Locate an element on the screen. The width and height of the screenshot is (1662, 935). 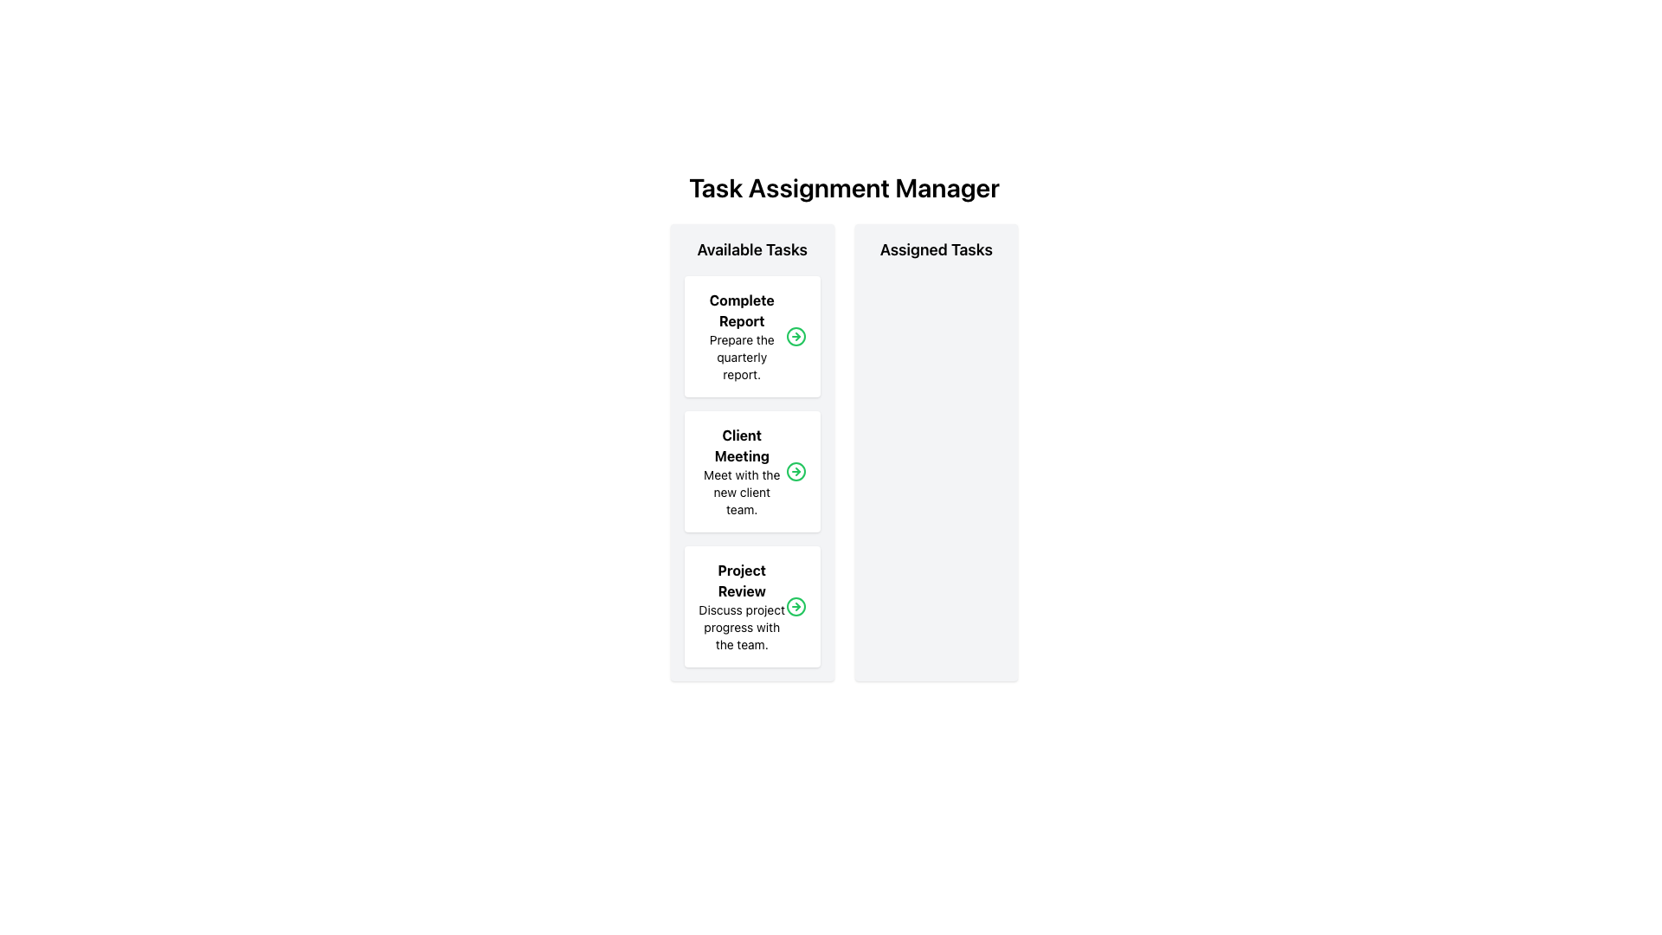
the header text label for the task 'Complete Report', which is located at the top of the first task item in the 'Available Tasks' column is located at coordinates (742, 309).